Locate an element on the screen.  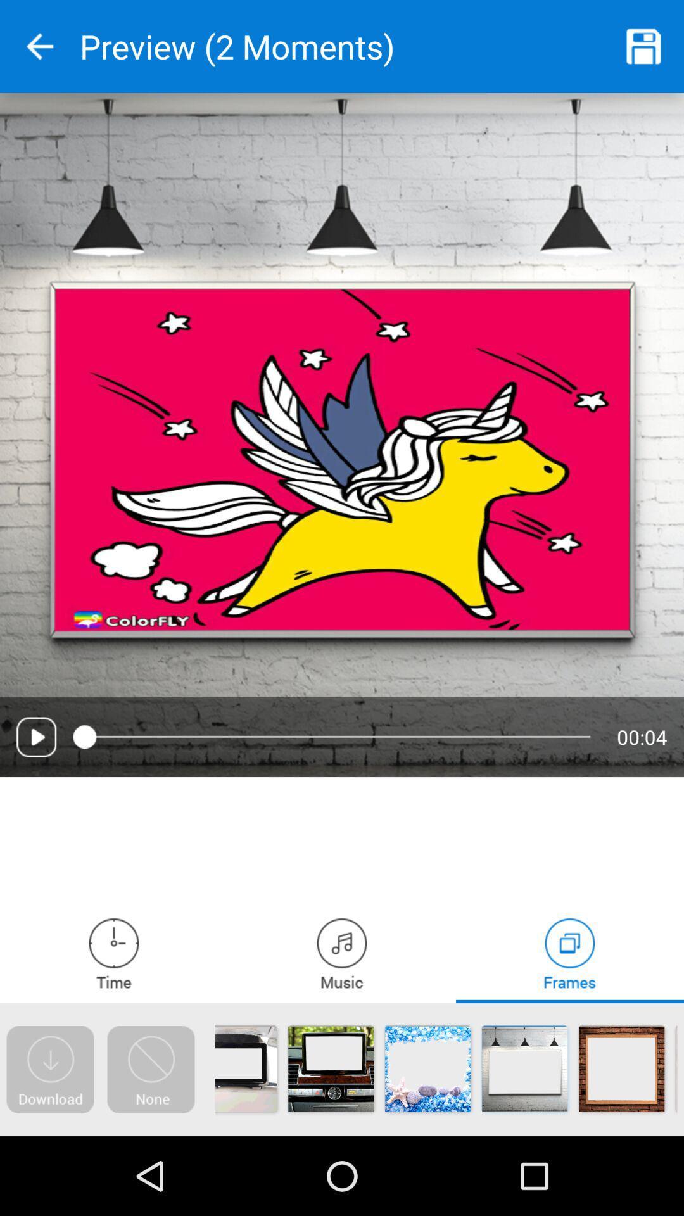
music player is located at coordinates (342, 953).